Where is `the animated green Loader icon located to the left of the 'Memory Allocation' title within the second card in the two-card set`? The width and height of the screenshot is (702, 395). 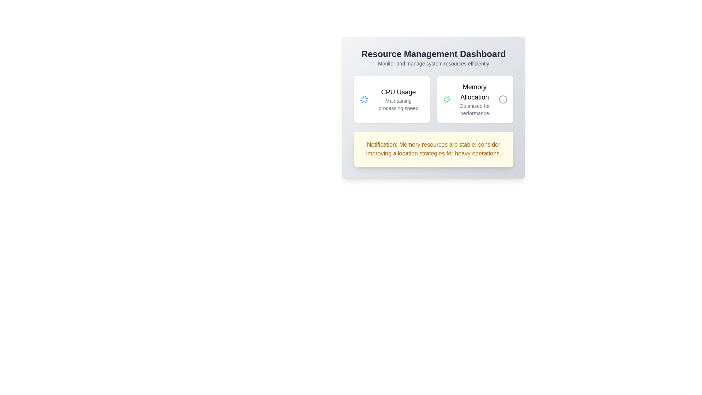
the animated green Loader icon located to the left of the 'Memory Allocation' title within the second card in the two-card set is located at coordinates (446, 99).